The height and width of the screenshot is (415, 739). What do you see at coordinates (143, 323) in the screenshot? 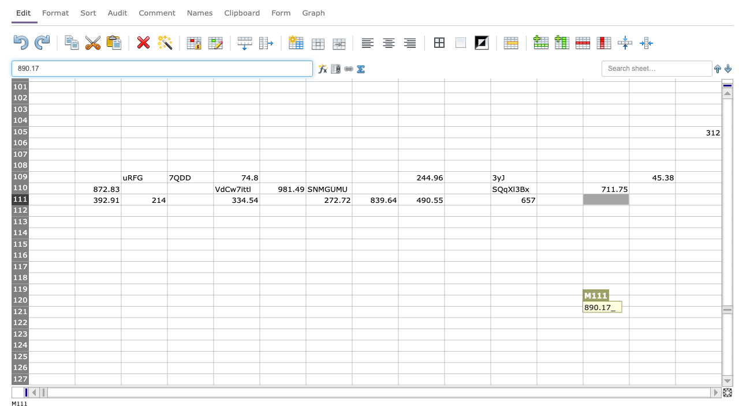
I see `C122` at bounding box center [143, 323].